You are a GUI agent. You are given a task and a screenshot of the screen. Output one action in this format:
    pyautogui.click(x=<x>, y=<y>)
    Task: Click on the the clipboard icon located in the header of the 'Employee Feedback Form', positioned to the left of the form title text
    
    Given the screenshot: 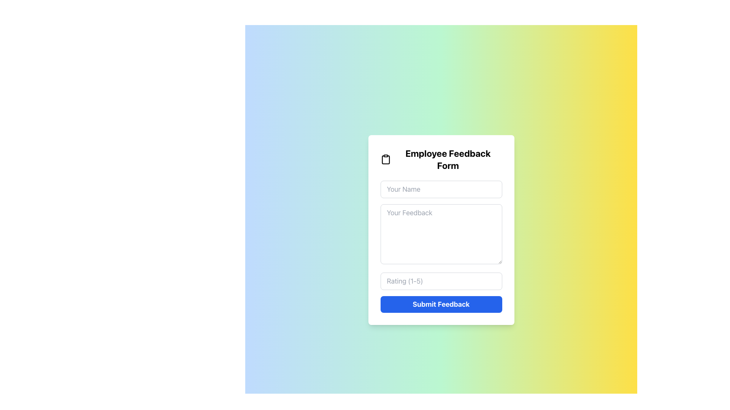 What is the action you would take?
    pyautogui.click(x=386, y=159)
    